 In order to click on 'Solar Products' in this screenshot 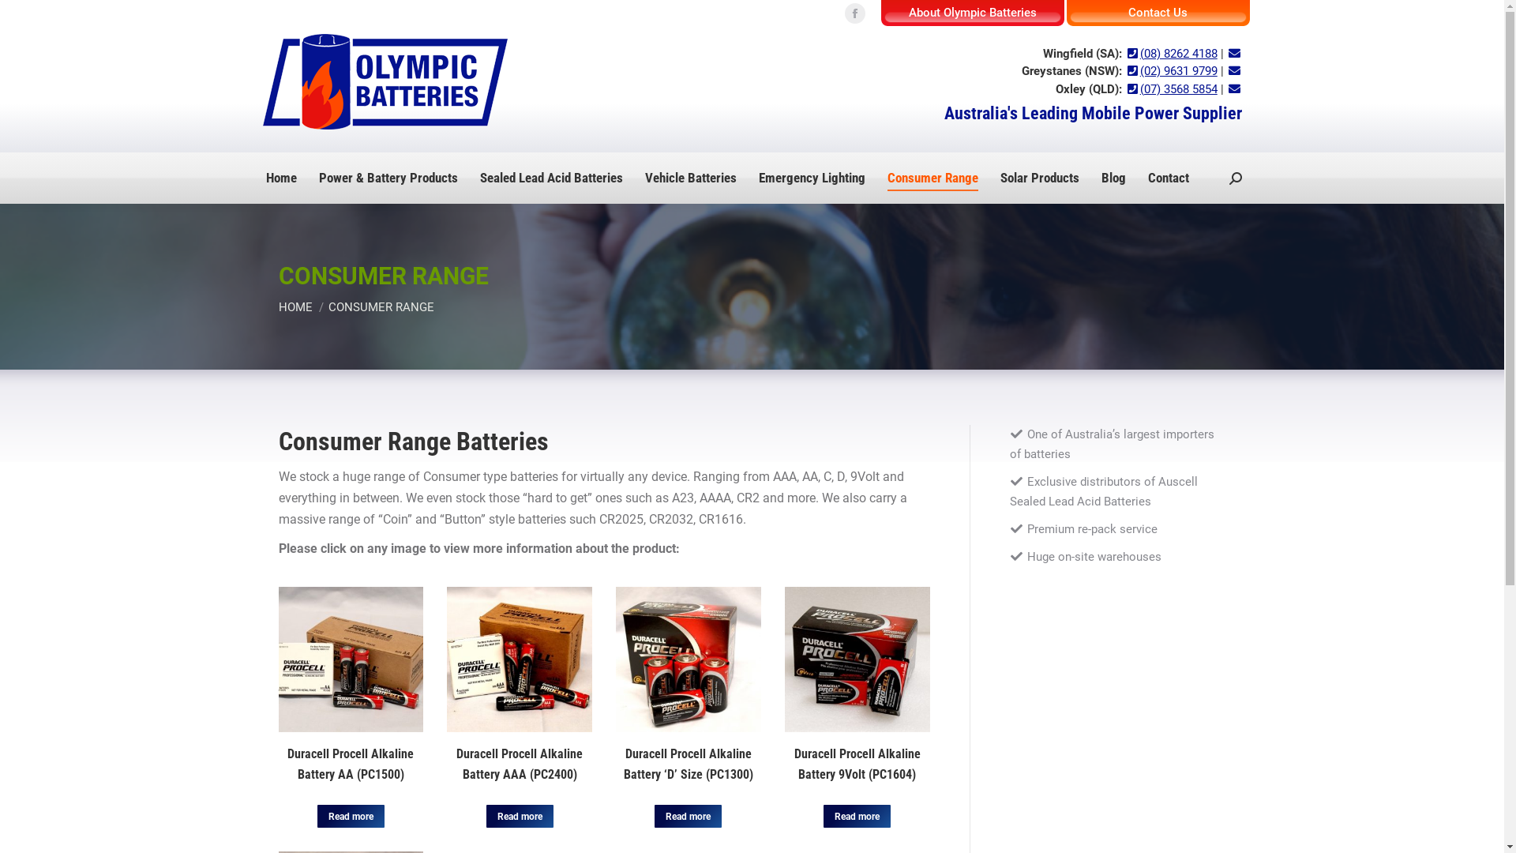, I will do `click(1038, 178)`.